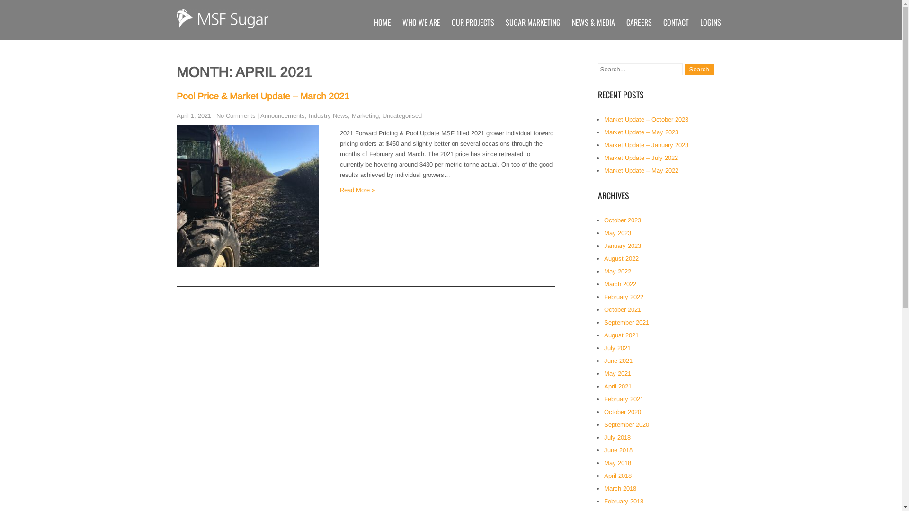 The image size is (909, 511). Describe the element at coordinates (626, 424) in the screenshot. I see `'September 2020'` at that location.